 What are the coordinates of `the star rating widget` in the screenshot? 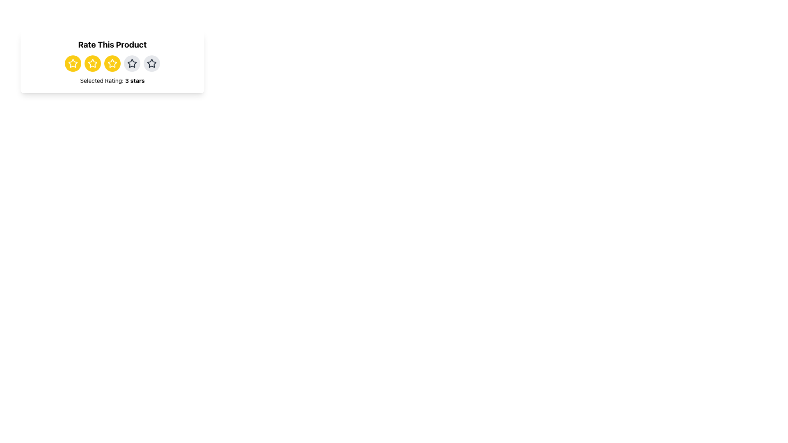 It's located at (112, 61).